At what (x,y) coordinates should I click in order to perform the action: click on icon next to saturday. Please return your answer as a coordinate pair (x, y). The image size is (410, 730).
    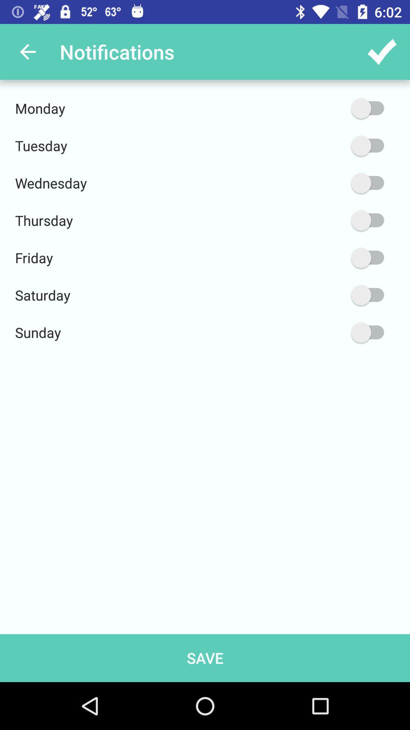
    Looking at the image, I should click on (331, 295).